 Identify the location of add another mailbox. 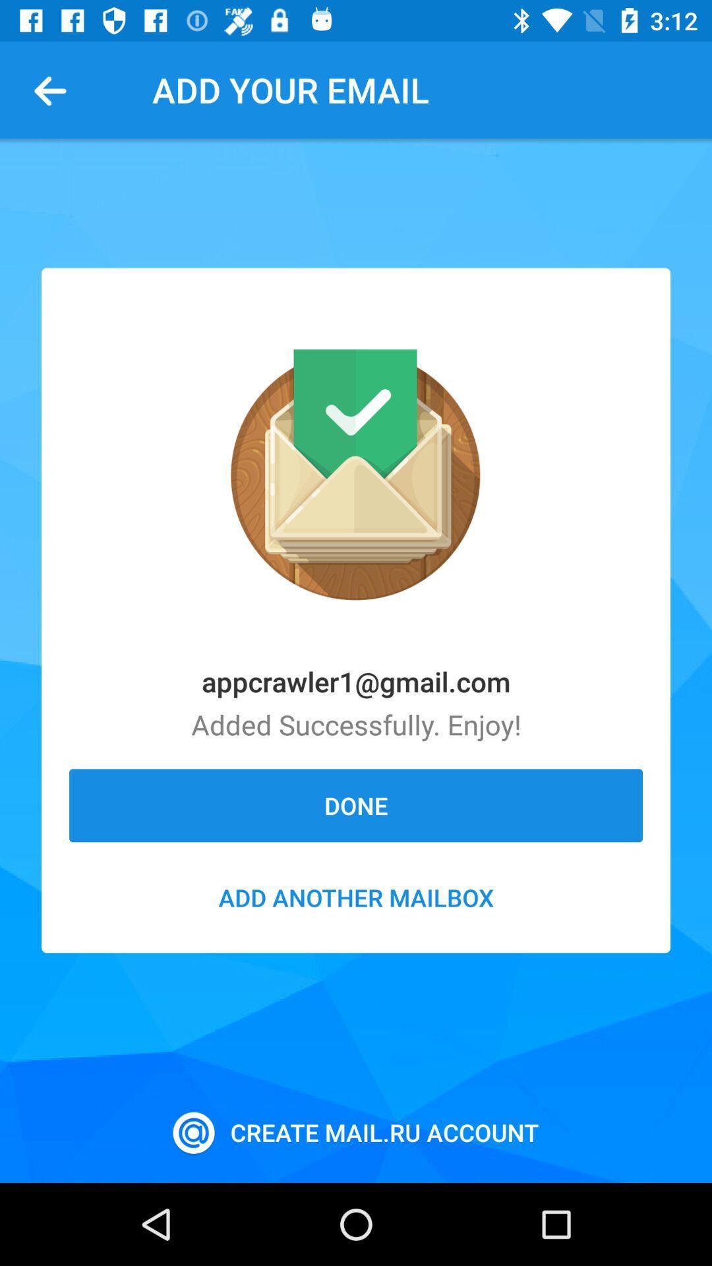
(356, 897).